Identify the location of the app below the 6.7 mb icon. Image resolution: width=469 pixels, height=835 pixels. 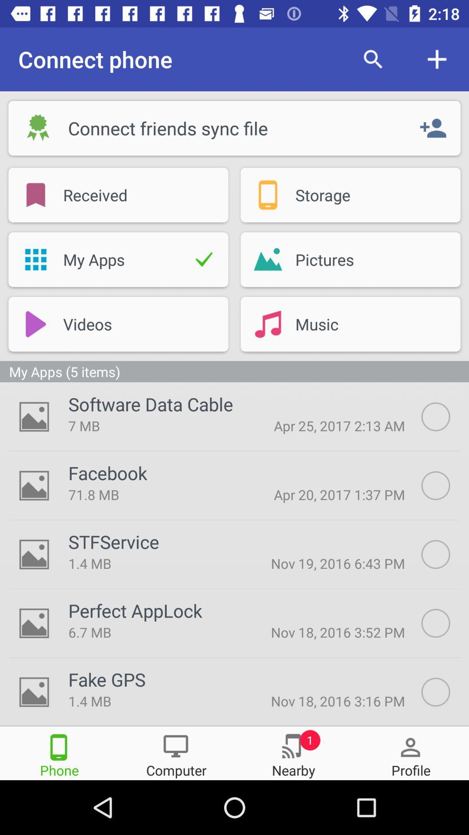
(106, 679).